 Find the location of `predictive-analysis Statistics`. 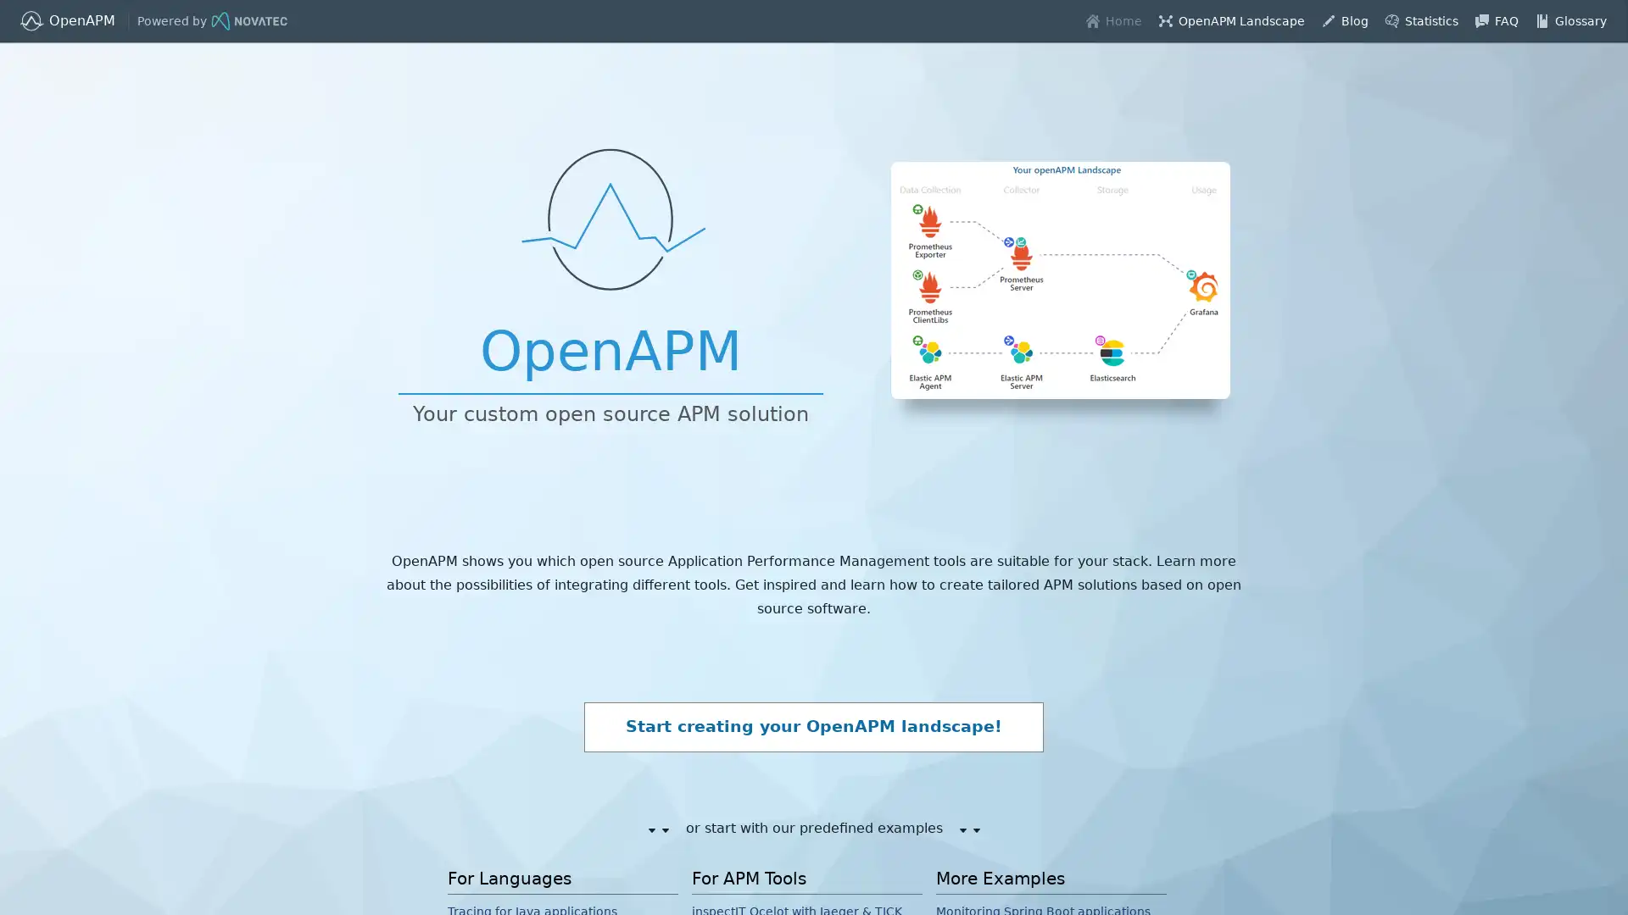

predictive-analysis Statistics is located at coordinates (1421, 20).